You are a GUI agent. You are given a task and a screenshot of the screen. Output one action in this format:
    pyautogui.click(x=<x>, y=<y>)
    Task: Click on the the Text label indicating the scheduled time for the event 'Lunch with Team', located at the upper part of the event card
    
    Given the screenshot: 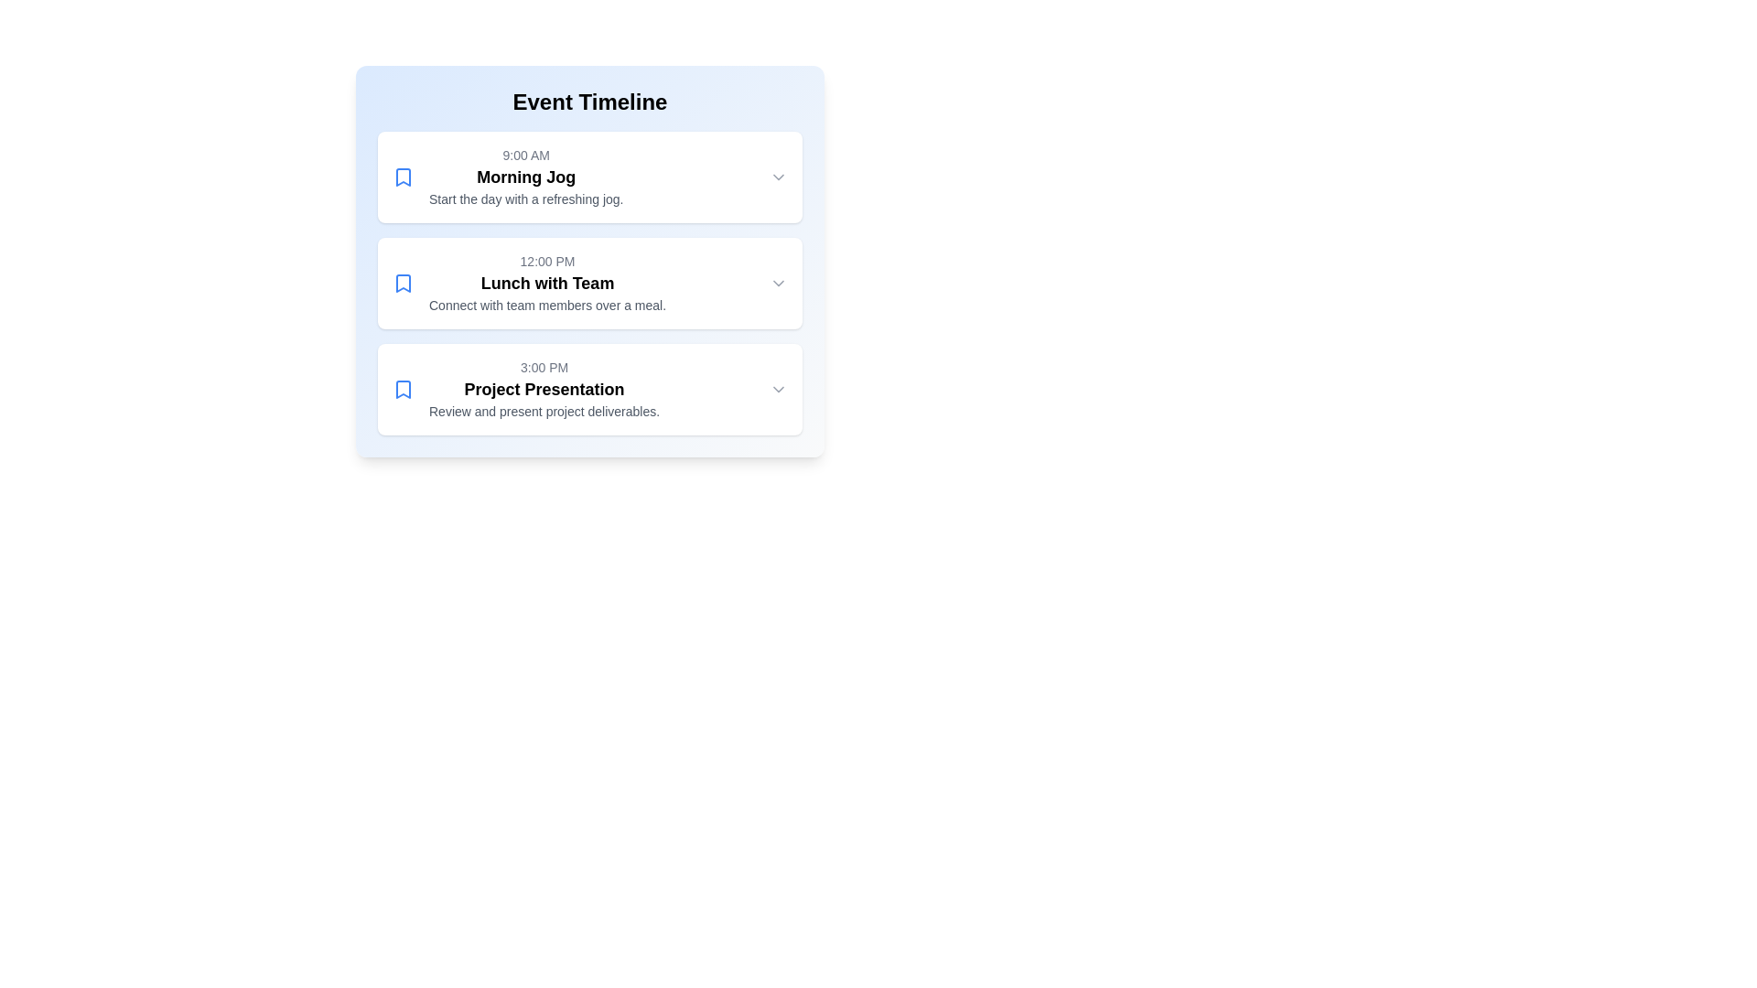 What is the action you would take?
    pyautogui.click(x=546, y=261)
    